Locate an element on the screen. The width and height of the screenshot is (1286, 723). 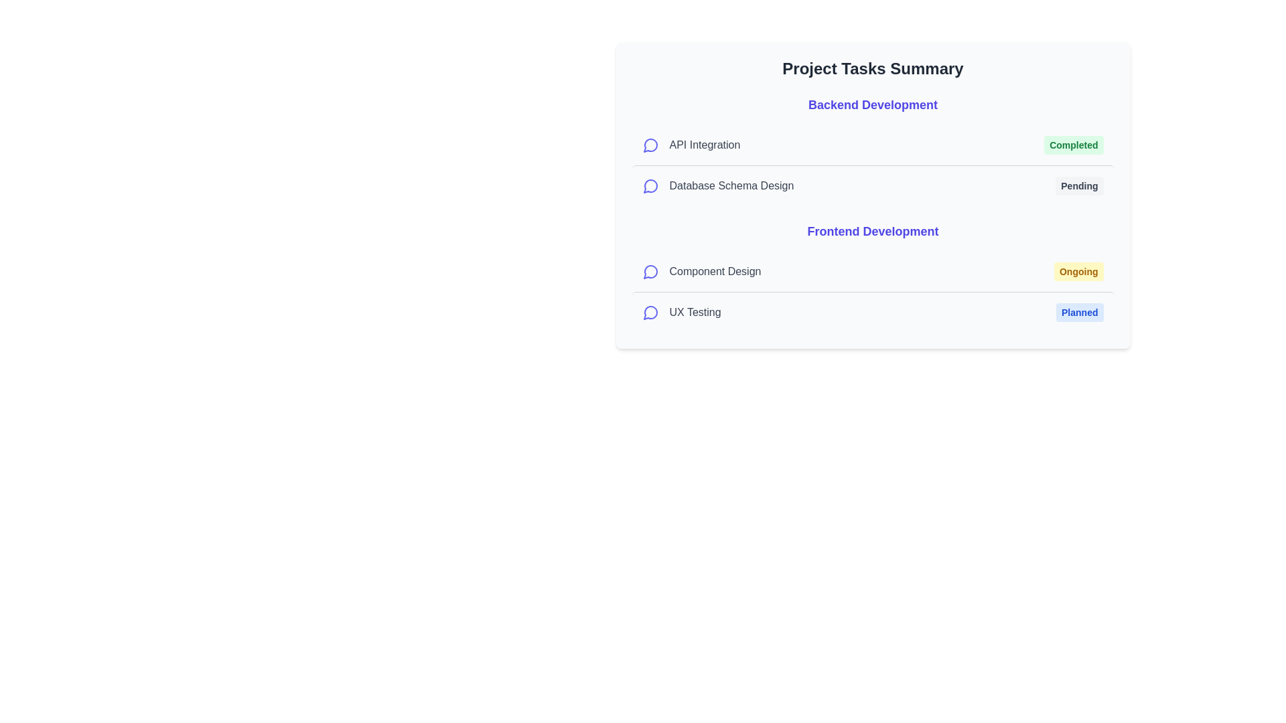
the circular indigo icon resembling a speech bubble located to the left of the 'UX Testing' label for accessibility navigation is located at coordinates (650, 312).